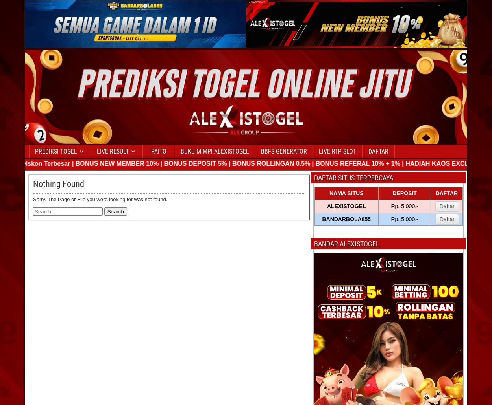 This screenshot has height=405, width=492. I want to click on 'BUKU MIMPI ALEXISTOGEL', so click(215, 150).